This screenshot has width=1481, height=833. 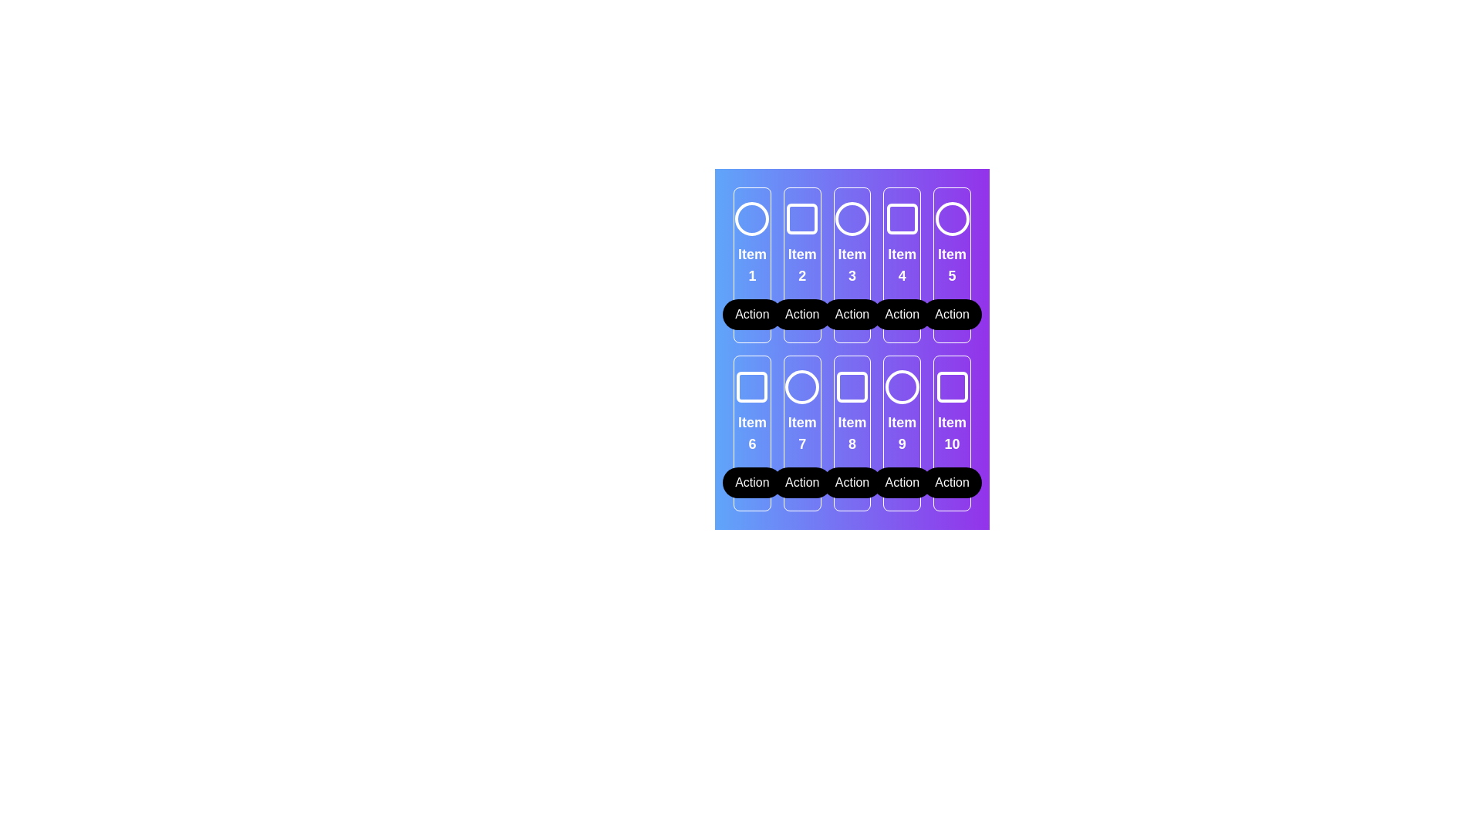 I want to click on the 'Item 5' text label, which is styled in a medium-large bold font and is centered within its segment on a vibrant purple background, located in the fifth column of a two-row grid, so click(x=951, y=264).